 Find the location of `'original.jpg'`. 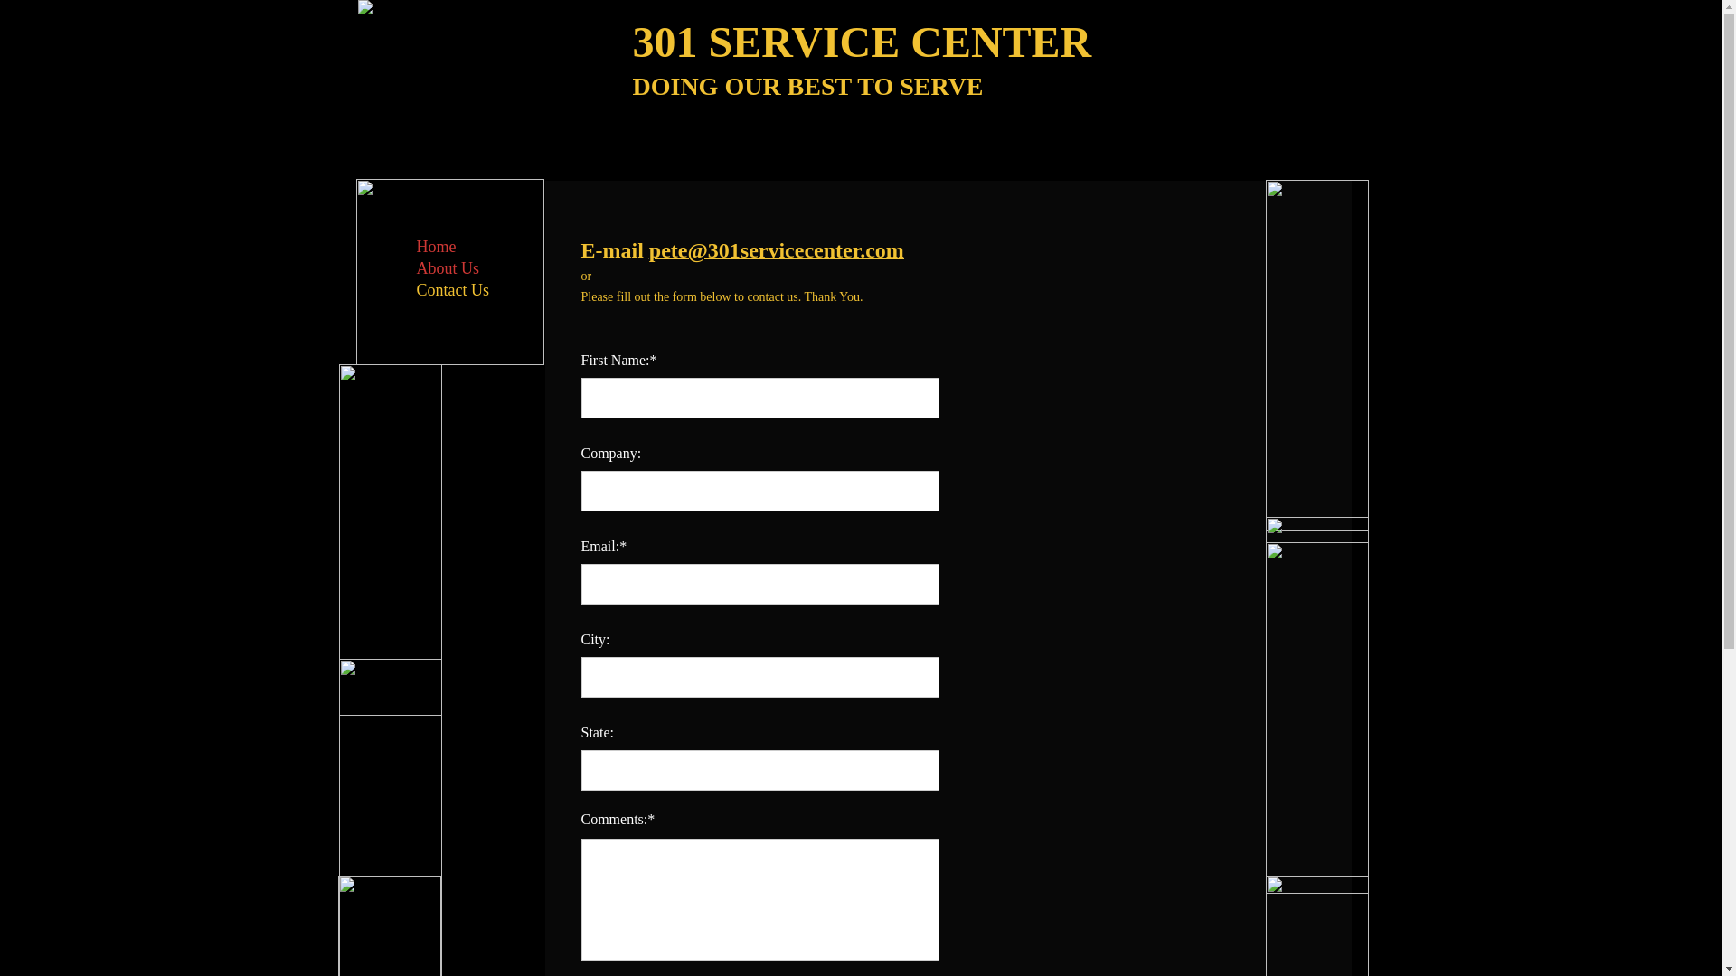

'original.jpg' is located at coordinates (1317, 717).